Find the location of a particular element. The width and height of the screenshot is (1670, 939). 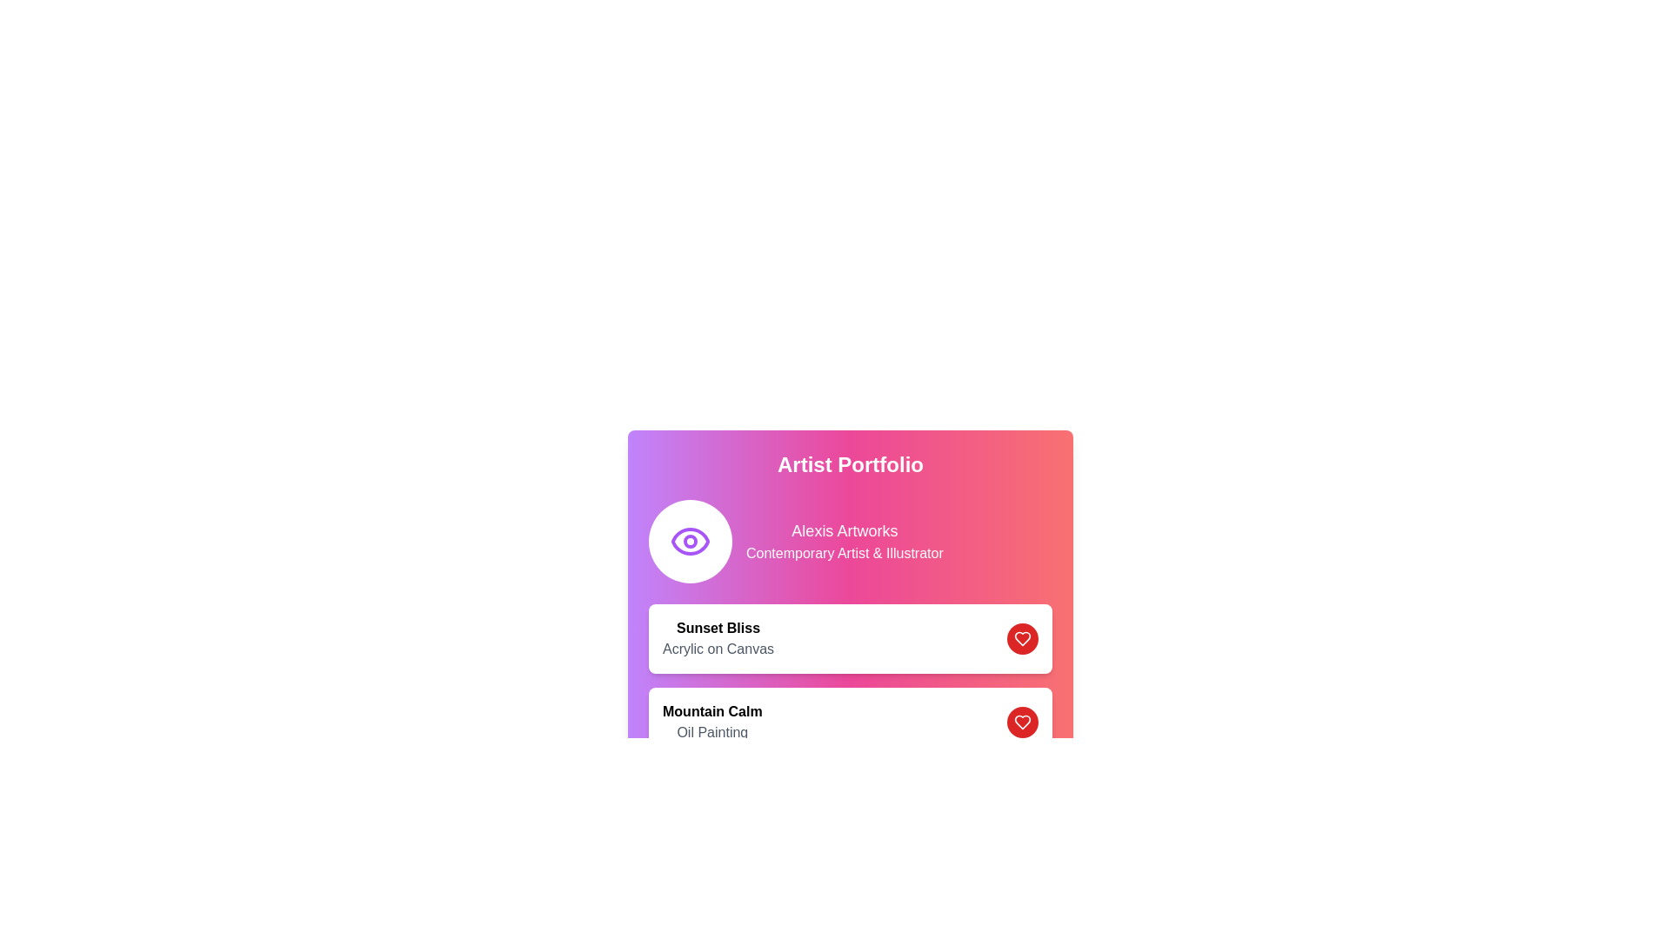

the descriptive text label providing information about the artist's profession and expertise, located below the header 'Artist Portfolio' and following 'Alexis Artworks.' is located at coordinates (845, 553).